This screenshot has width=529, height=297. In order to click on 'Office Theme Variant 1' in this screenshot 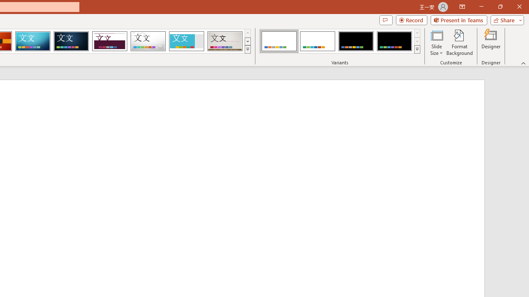, I will do `click(279, 41)`.